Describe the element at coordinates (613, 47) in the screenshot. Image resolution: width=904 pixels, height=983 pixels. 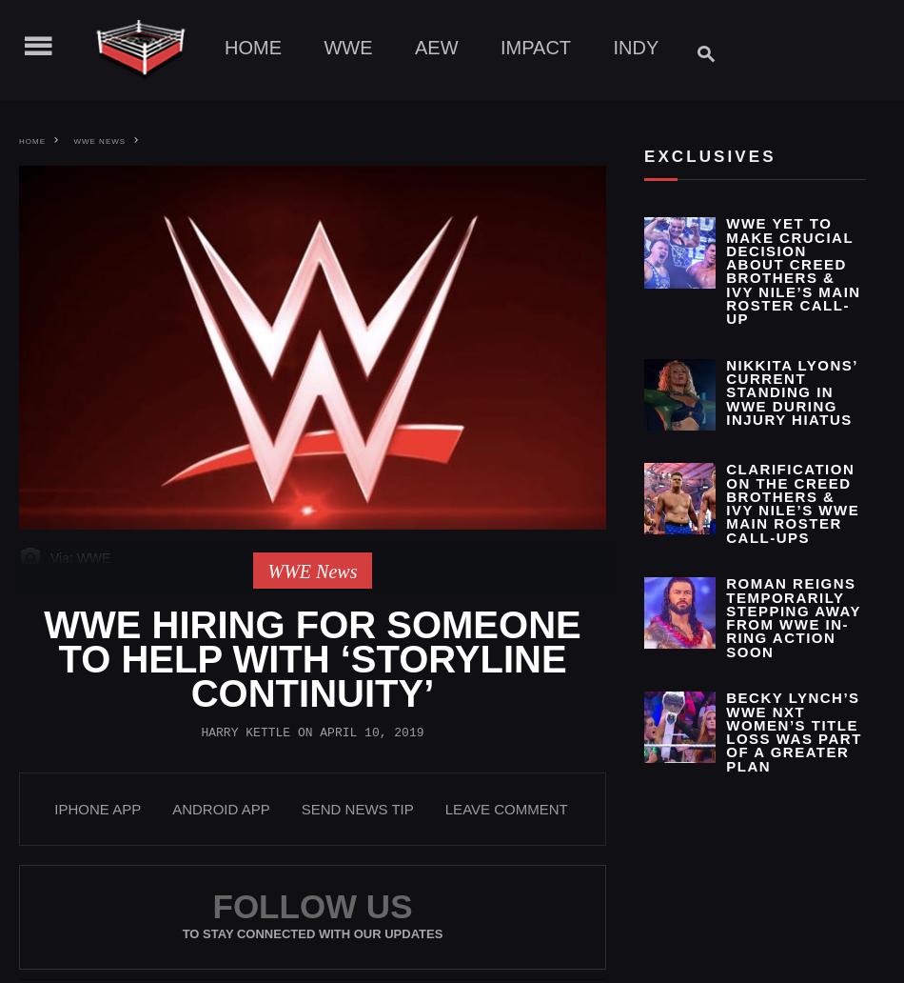
I see `'Indy'` at that location.